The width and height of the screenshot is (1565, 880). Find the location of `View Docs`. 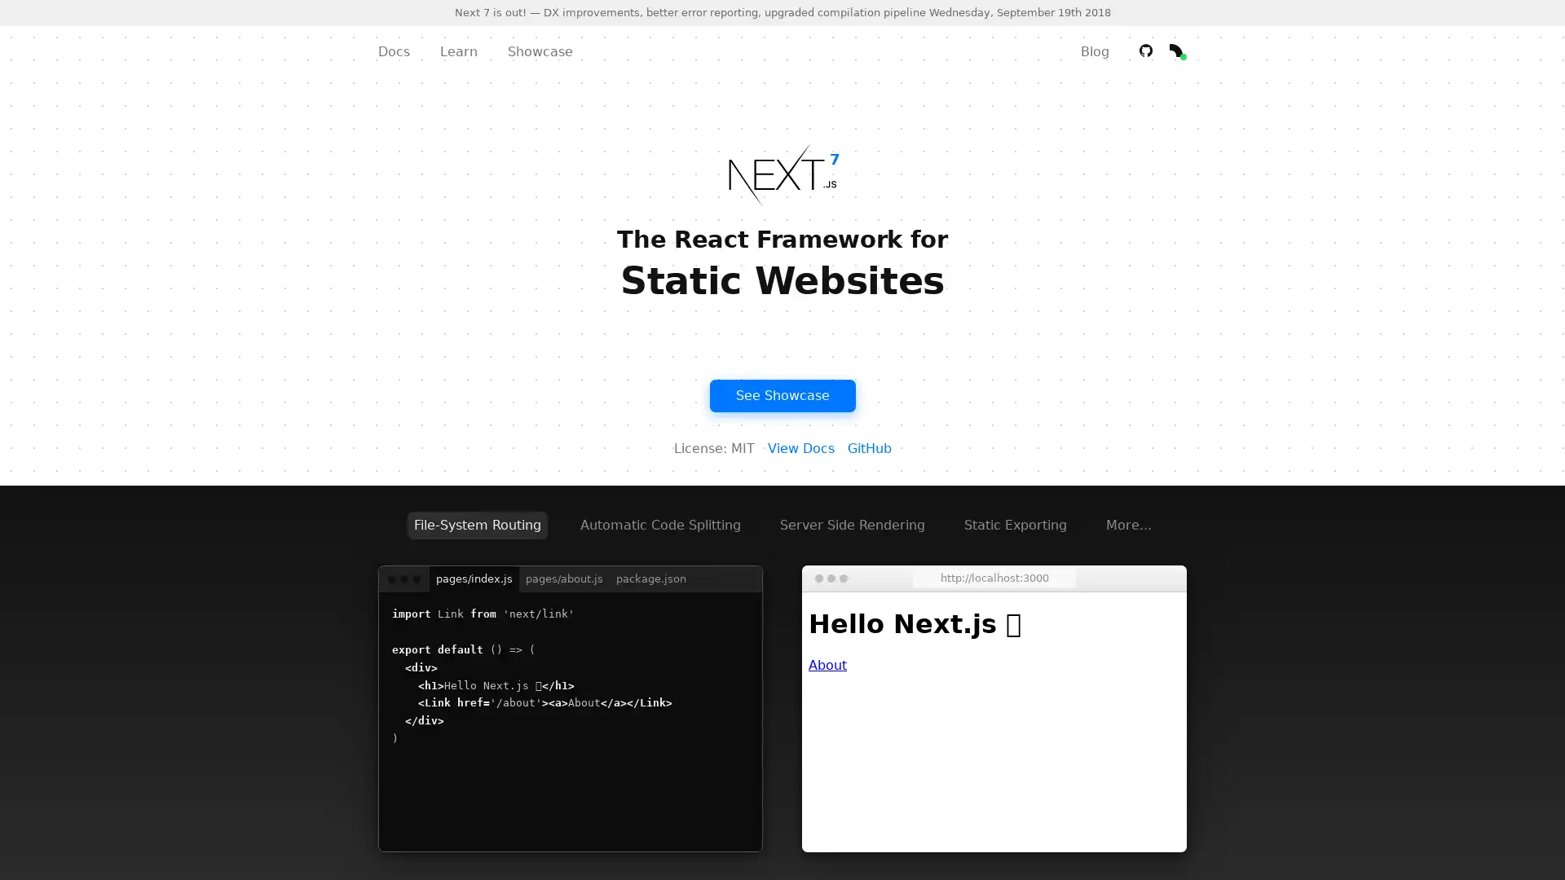

View Docs is located at coordinates (800, 448).